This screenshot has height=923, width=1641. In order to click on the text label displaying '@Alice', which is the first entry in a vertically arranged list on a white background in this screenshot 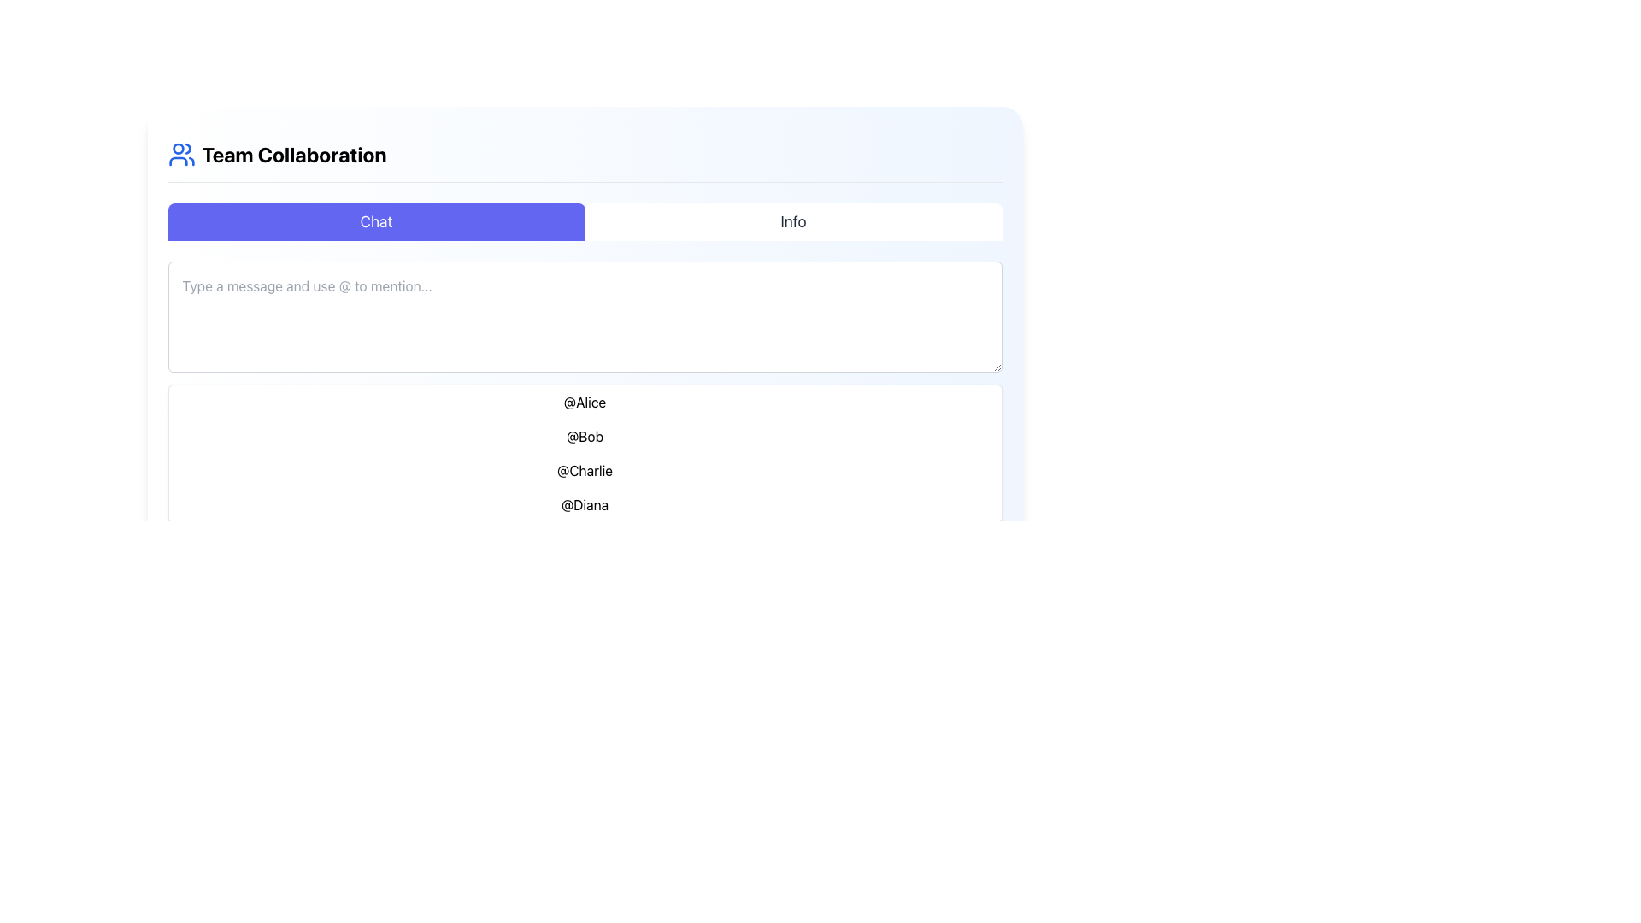, I will do `click(585, 402)`.